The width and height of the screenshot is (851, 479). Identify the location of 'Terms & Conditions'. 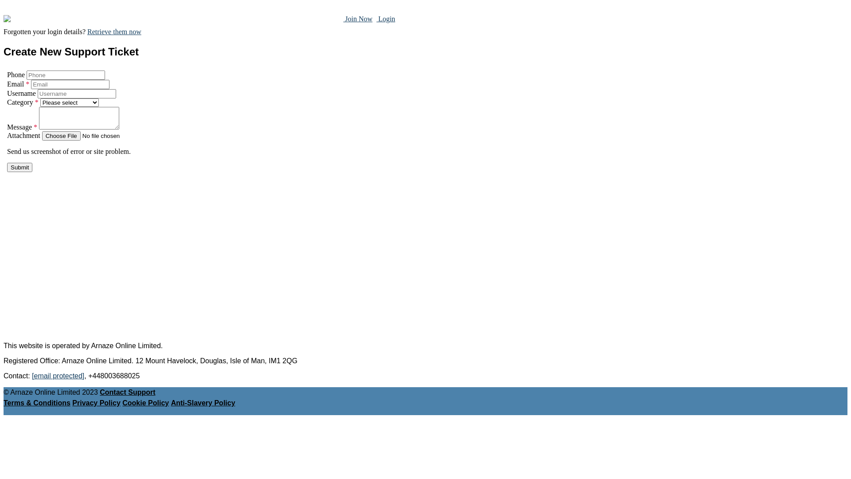
(36, 403).